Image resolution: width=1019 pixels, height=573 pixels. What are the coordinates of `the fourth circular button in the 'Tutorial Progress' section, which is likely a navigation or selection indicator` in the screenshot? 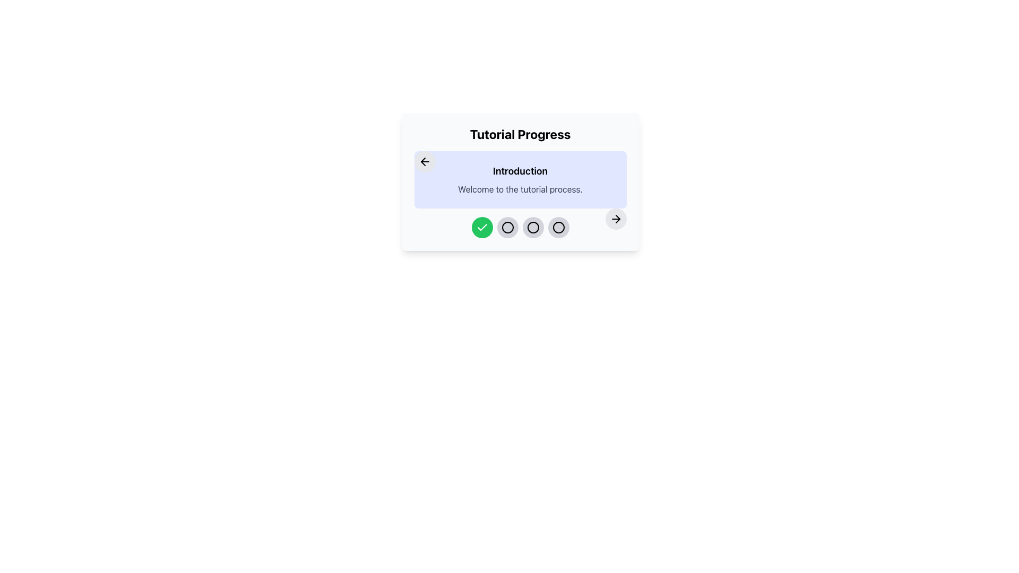 It's located at (558, 227).